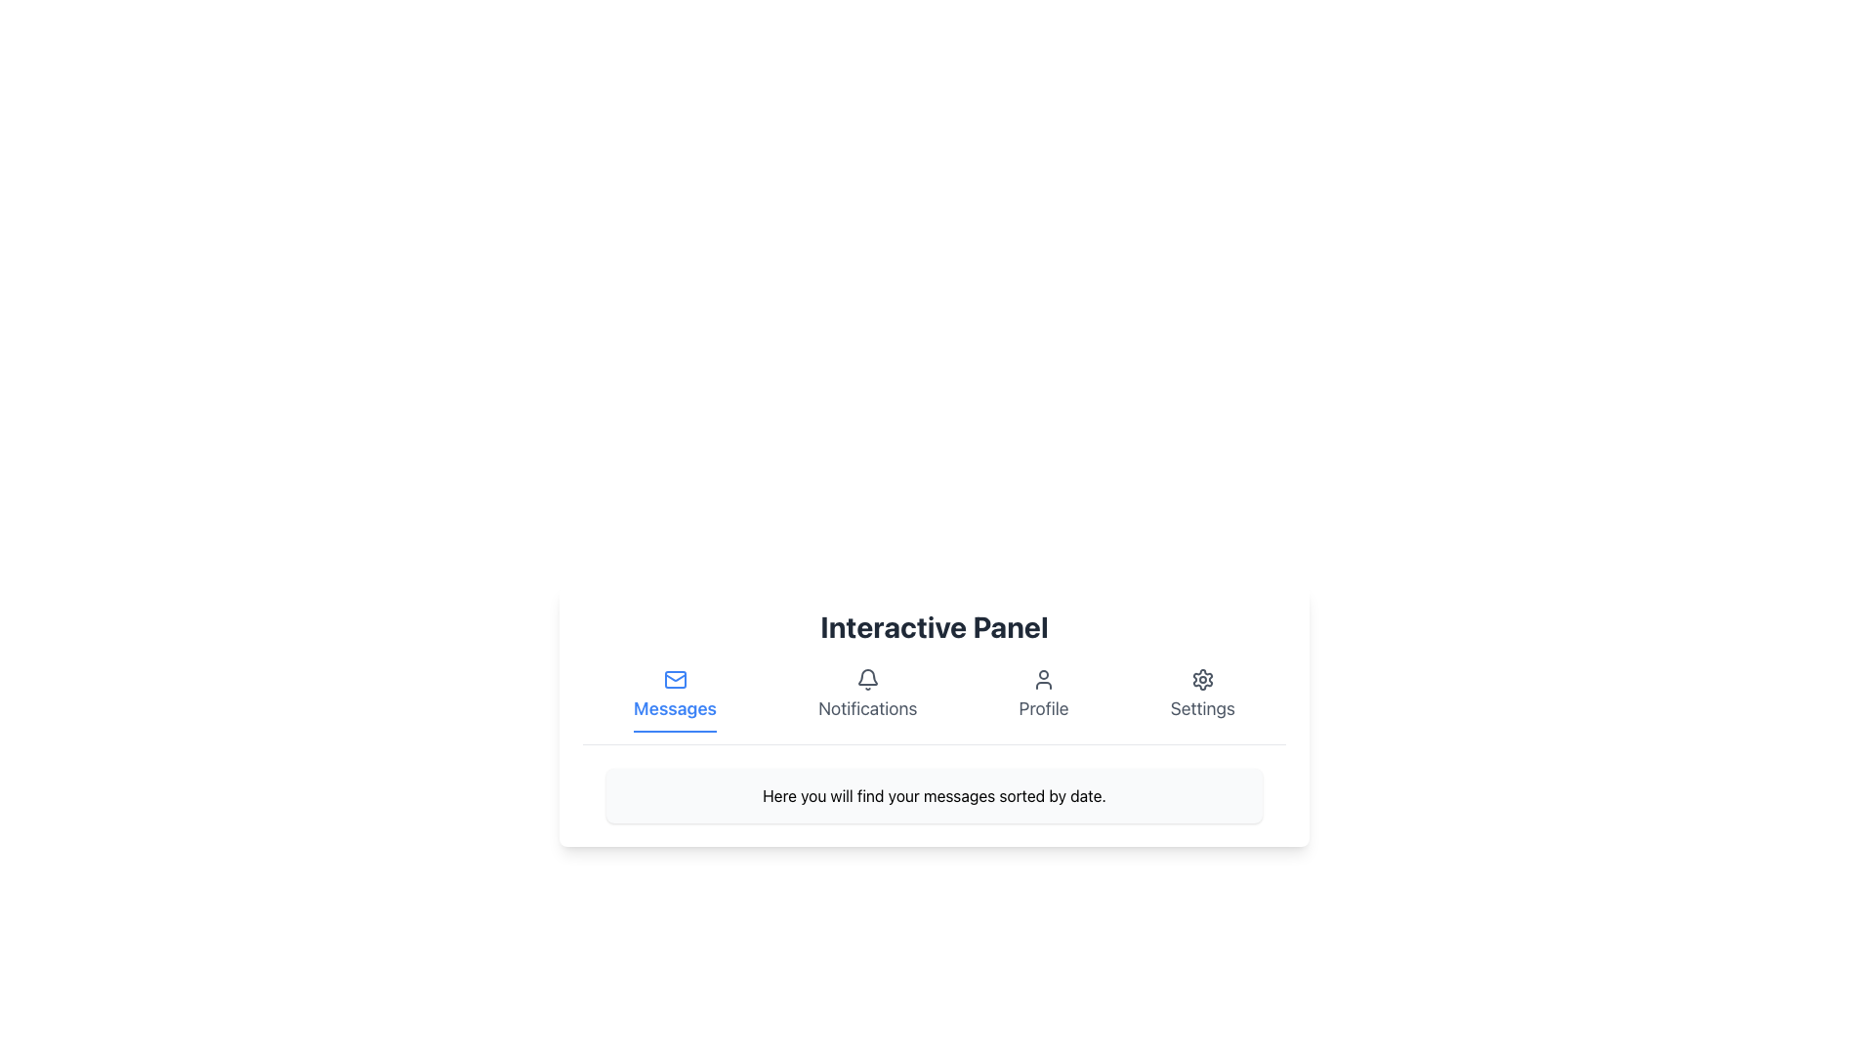 The height and width of the screenshot is (1055, 1875). I want to click on the 'Settings' interactive menu item, which features a gear icon and medium gray text, so click(1201, 699).